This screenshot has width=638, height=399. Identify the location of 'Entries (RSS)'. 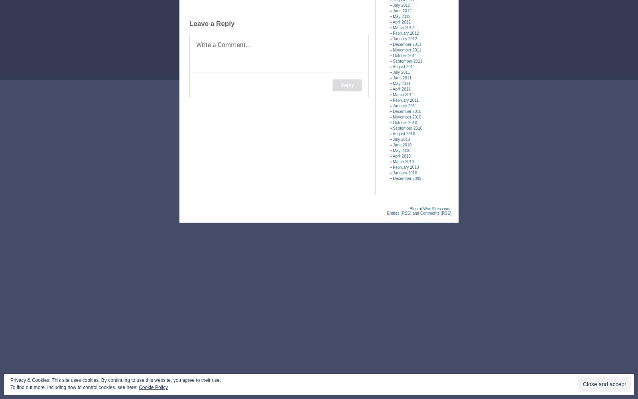
(398, 213).